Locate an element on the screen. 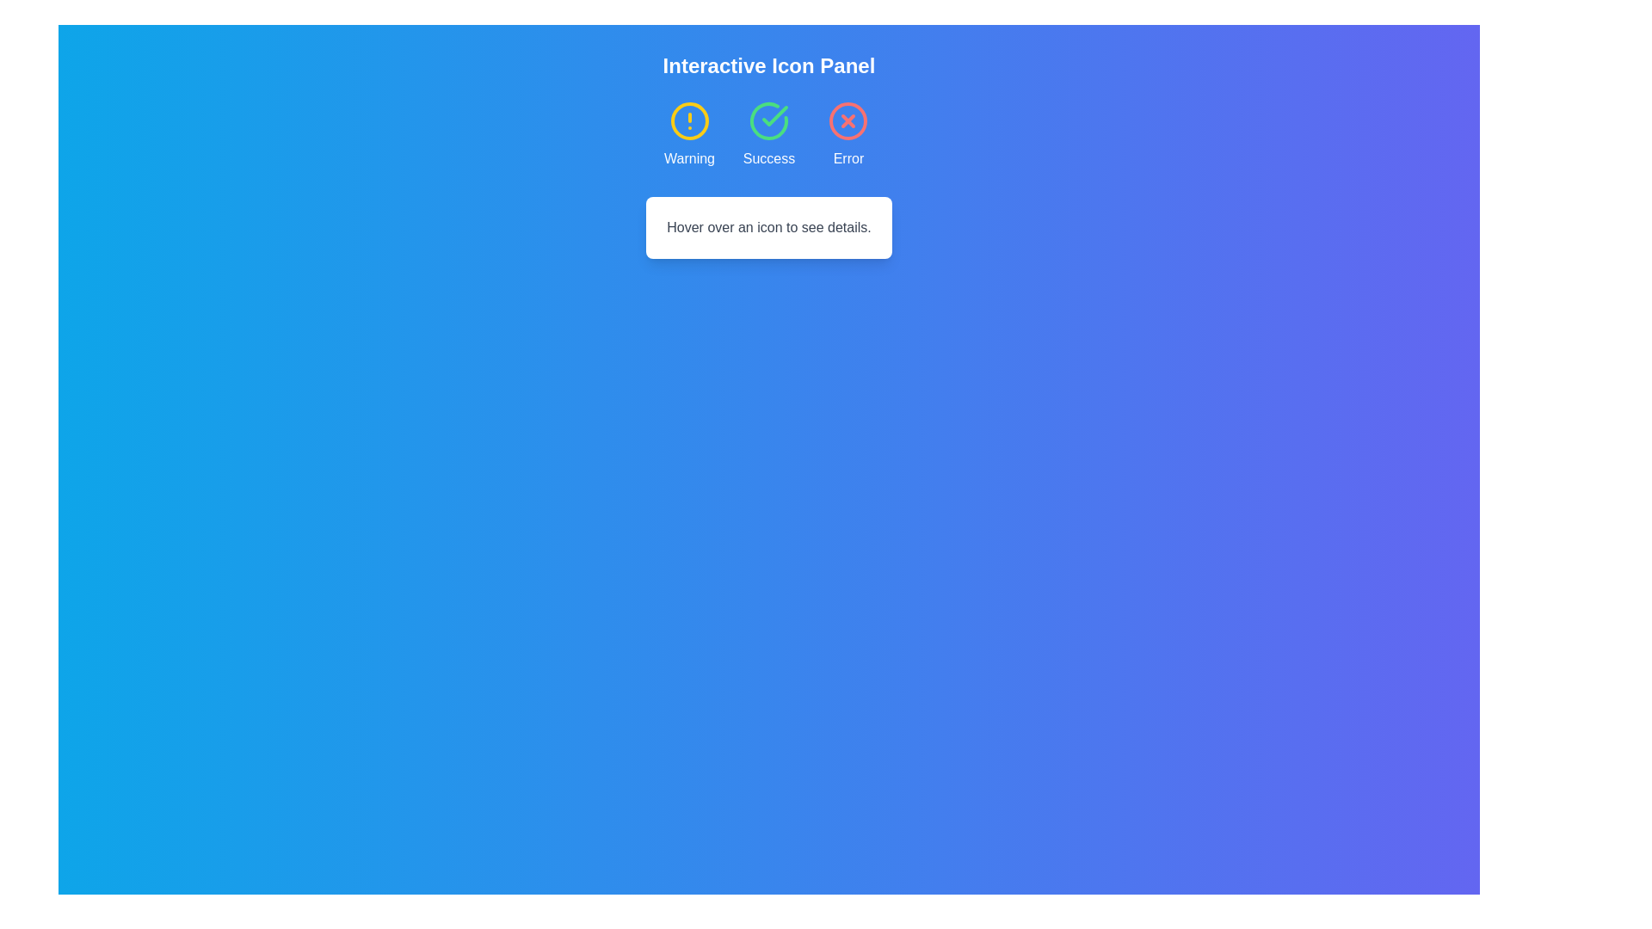 The width and height of the screenshot is (1652, 929). the 'Success' icon in the Interactive Icon Panel, which visually indicates a successful state is located at coordinates (767, 134).